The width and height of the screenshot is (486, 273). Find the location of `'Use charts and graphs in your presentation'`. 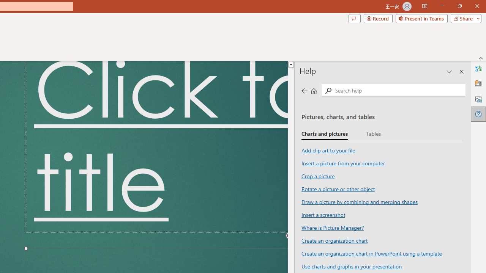

'Use charts and graphs in your presentation' is located at coordinates (351, 266).